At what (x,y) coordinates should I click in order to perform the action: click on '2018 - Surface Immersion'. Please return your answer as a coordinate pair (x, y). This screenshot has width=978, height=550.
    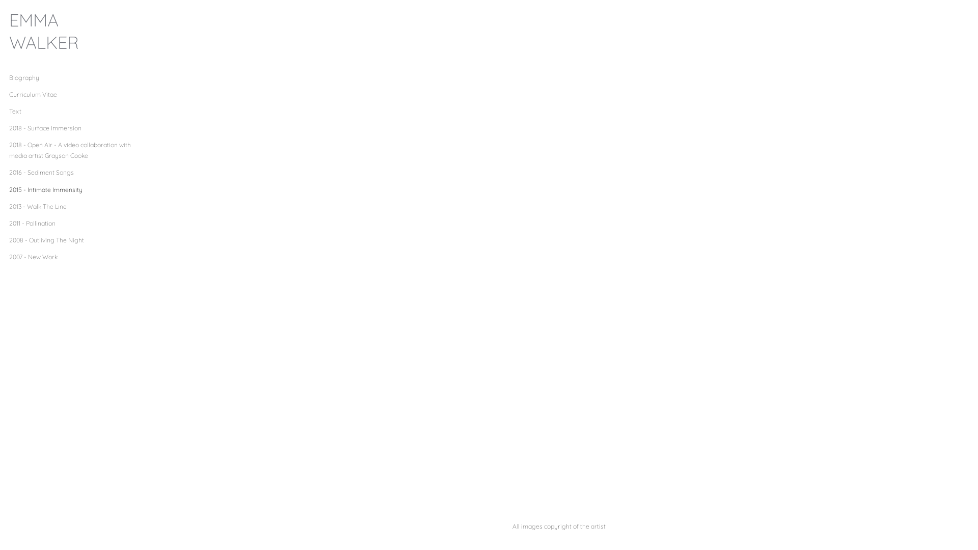
    Looking at the image, I should click on (45, 127).